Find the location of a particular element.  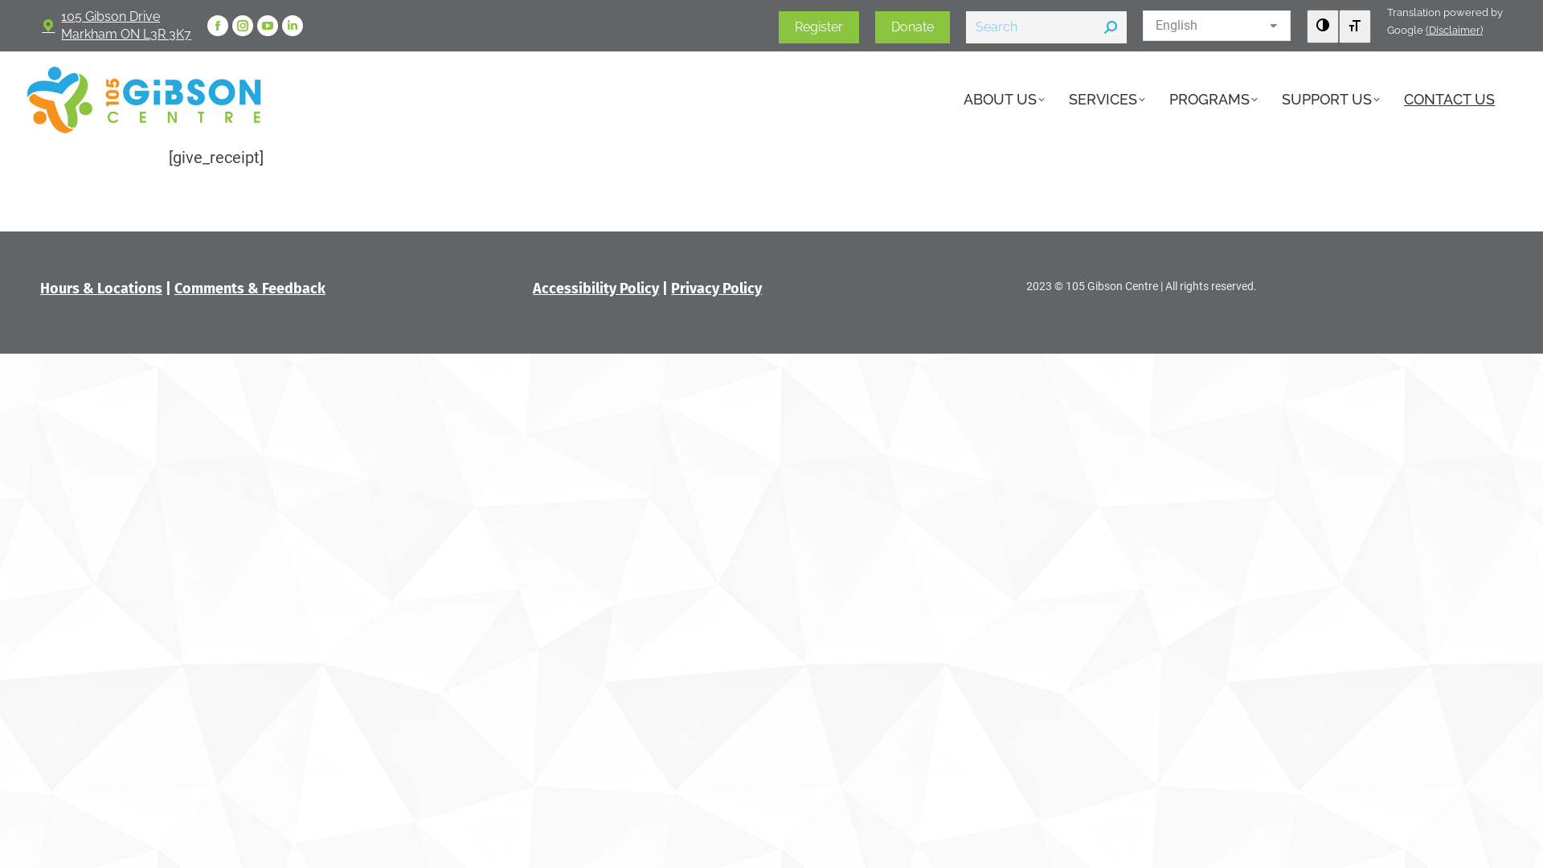

'(Disclaimer)' is located at coordinates (1454, 30).